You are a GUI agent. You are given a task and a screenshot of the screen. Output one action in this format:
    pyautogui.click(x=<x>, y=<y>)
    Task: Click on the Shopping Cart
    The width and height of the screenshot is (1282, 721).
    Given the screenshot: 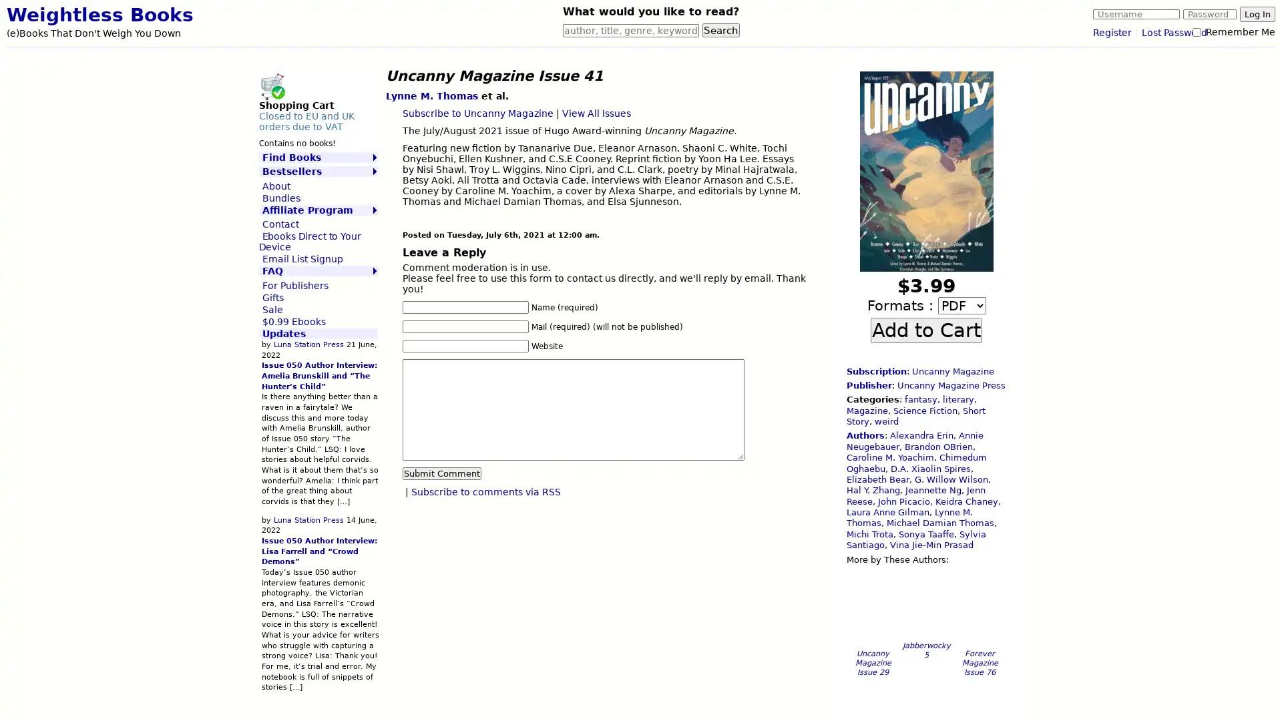 What is the action you would take?
    pyautogui.click(x=271, y=85)
    